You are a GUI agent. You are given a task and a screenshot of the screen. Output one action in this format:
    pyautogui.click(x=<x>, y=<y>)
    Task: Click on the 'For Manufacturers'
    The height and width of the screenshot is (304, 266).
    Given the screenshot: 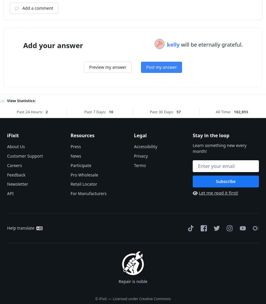 What is the action you would take?
    pyautogui.click(x=88, y=267)
    